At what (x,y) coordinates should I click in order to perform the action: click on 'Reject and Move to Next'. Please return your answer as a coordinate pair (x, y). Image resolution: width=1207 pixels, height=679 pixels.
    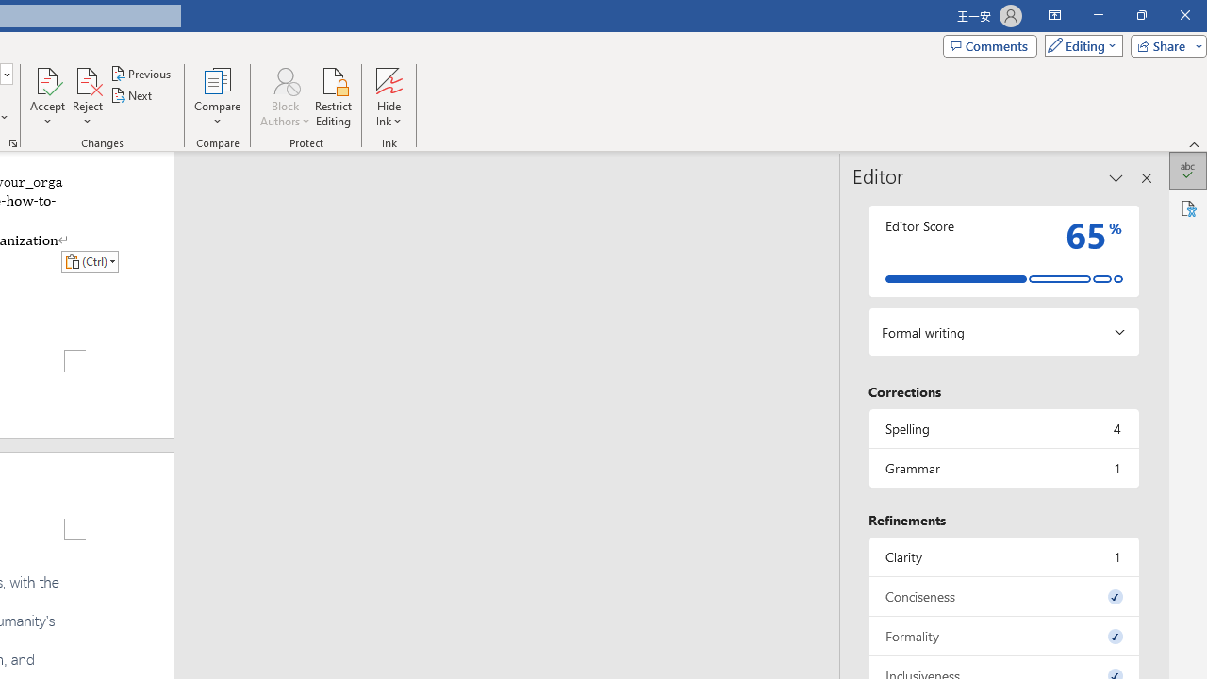
    Looking at the image, I should click on (86, 79).